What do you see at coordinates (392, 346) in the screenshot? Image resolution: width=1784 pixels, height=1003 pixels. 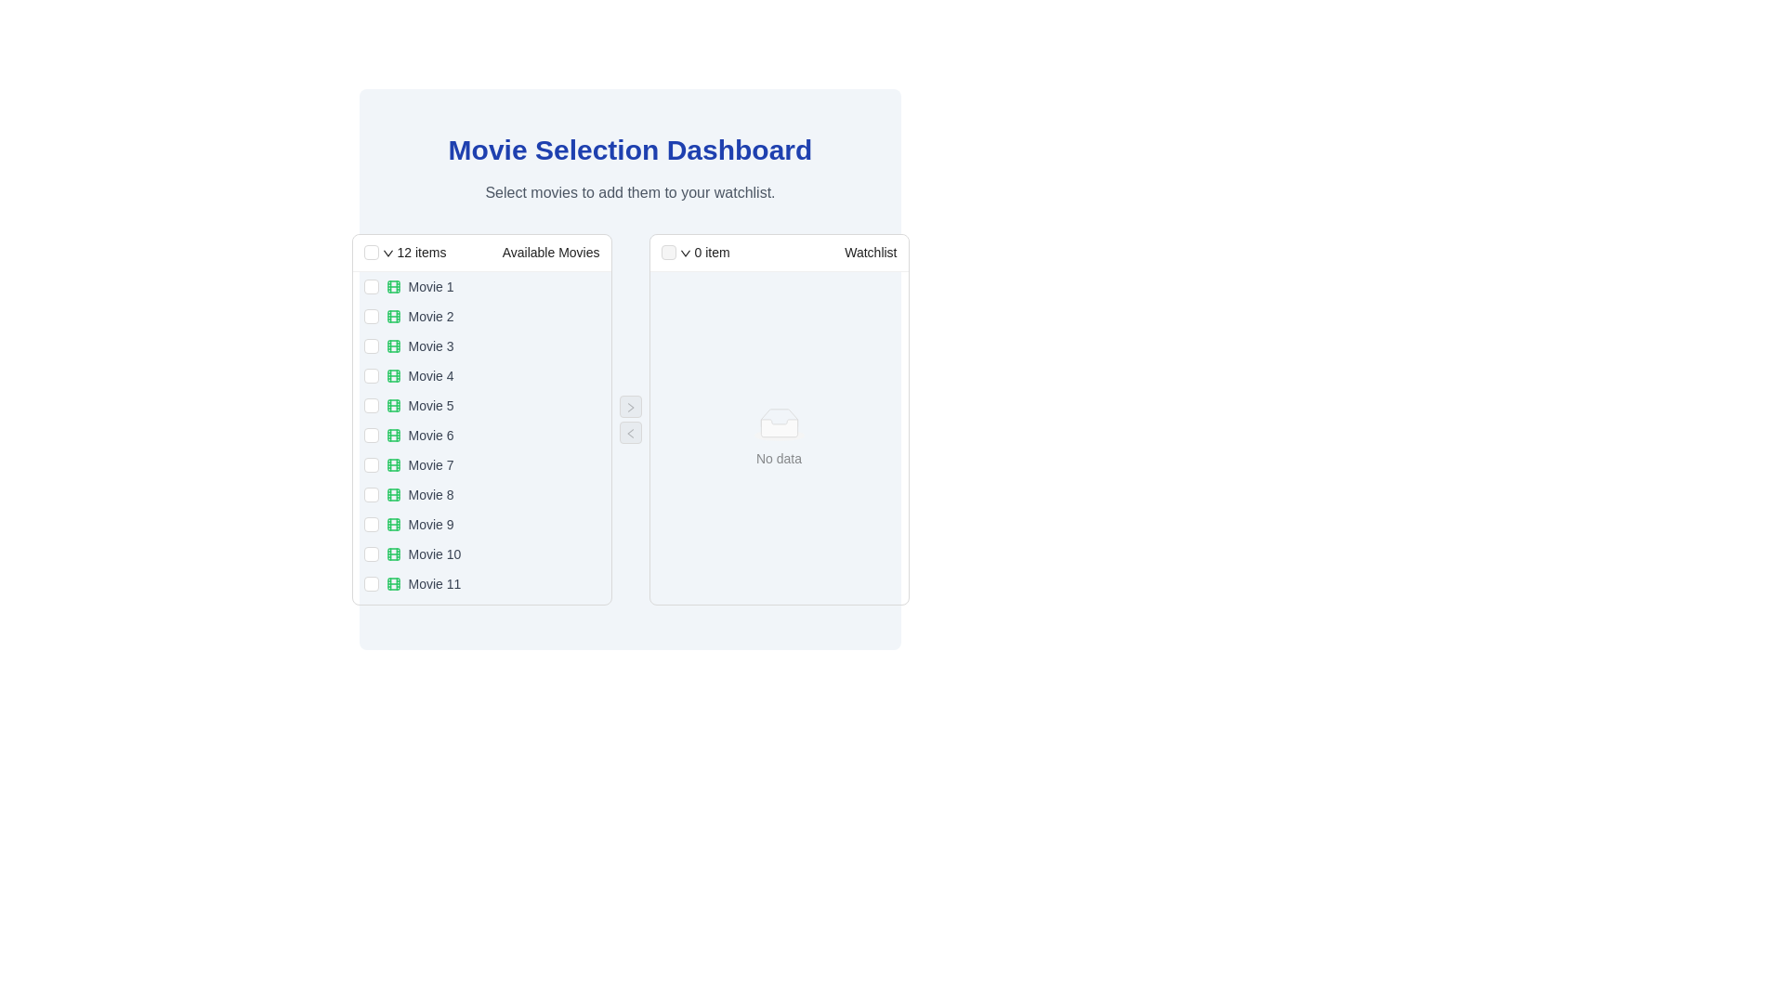 I see `the green hollow filmstrip icon representing 'Movie 3' in the 'Available Movies' list` at bounding box center [392, 346].